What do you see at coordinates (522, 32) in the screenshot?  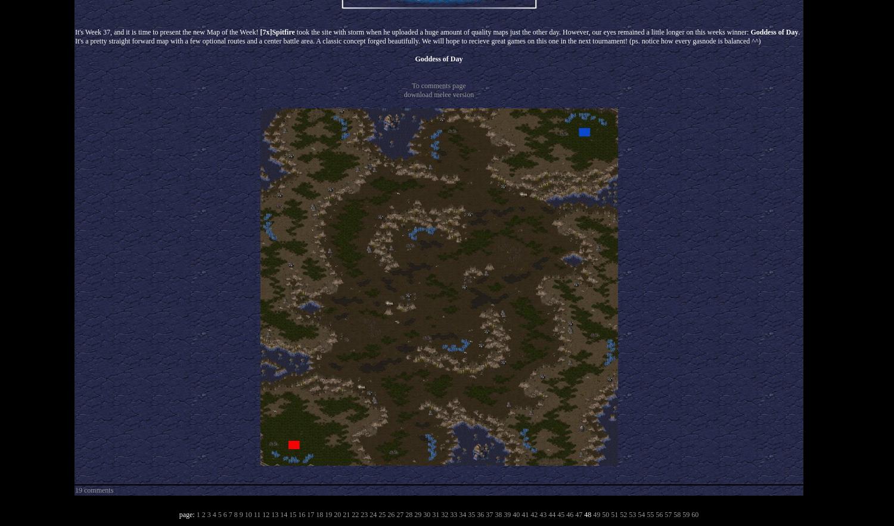 I see `'took the site with storm when he uploaded a huge amount of quality maps just the other day. However, our eyes remained a little longer on this weeks winner:'` at bounding box center [522, 32].